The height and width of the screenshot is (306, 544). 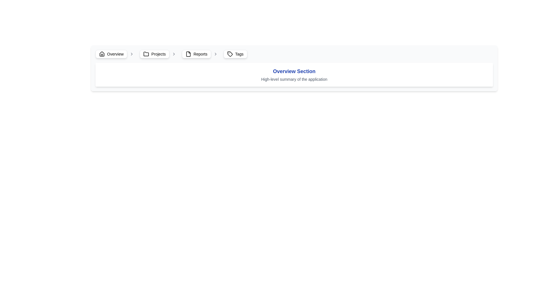 I want to click on text content of the 'Reports' label in the breadcrumb navigation bar, which is the fourth item following 'Overview', 'Projects', and a document icon, so click(x=200, y=54).